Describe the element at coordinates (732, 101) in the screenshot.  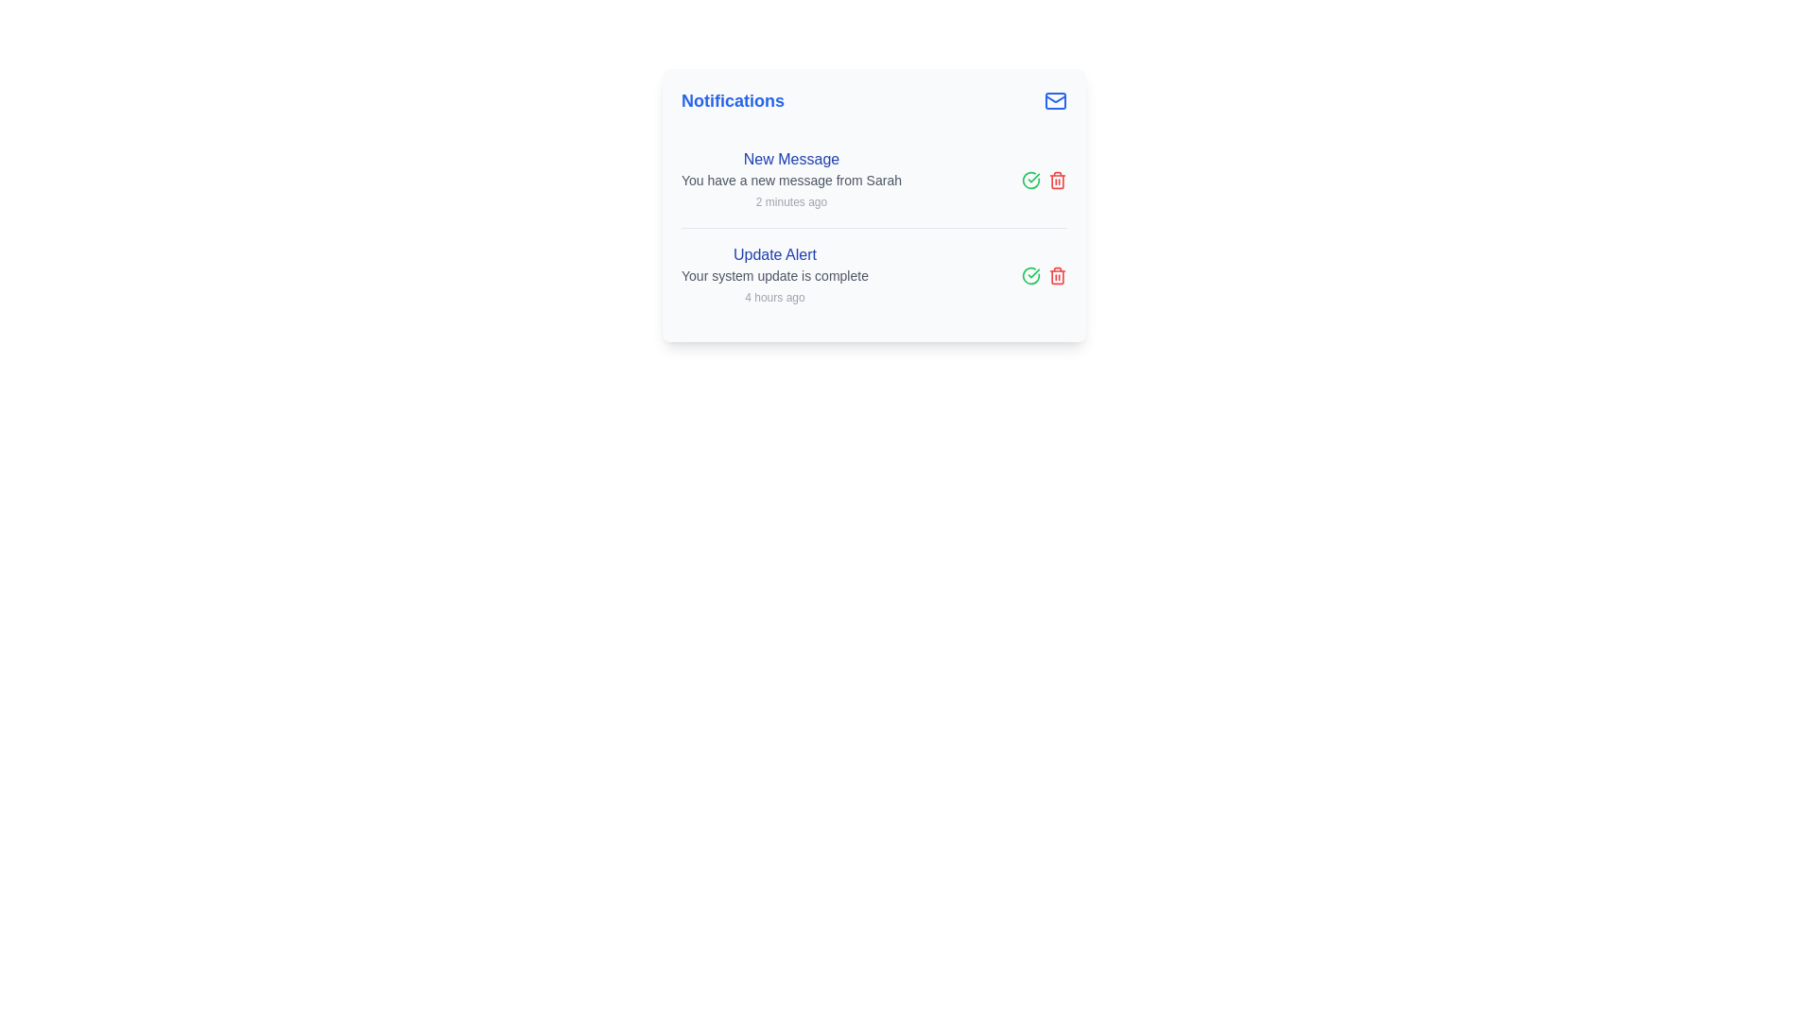
I see `the static text label that serves as the header for the notifications area, located at the top-left quadrant of the notifications card` at that location.